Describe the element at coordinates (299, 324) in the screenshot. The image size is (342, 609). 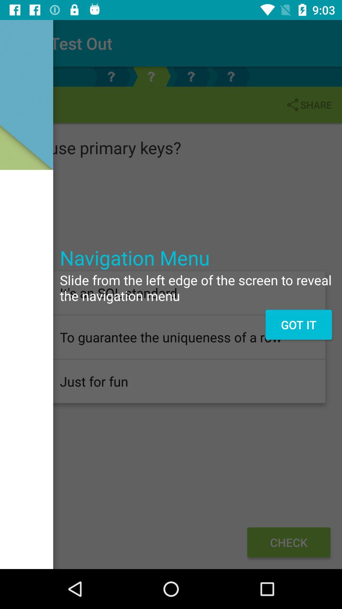
I see `the item on the right` at that location.